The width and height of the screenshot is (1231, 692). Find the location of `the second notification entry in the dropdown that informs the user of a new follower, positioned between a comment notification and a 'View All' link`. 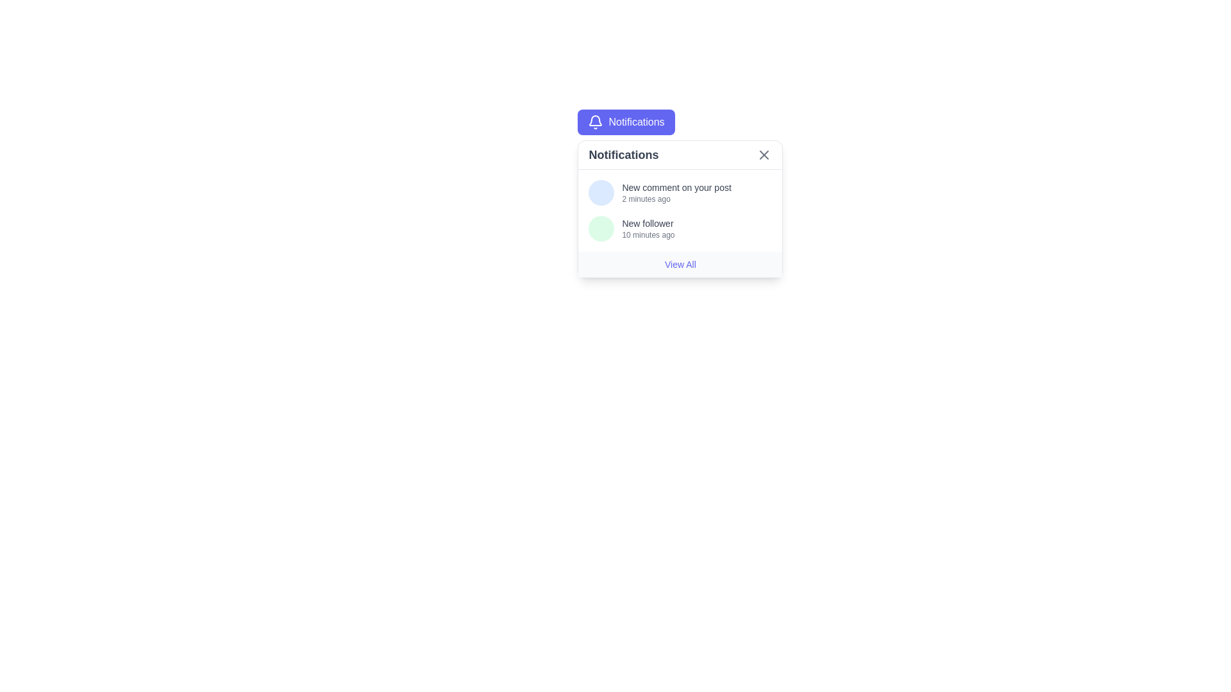

the second notification entry in the dropdown that informs the user of a new follower, positioned between a comment notification and a 'View All' link is located at coordinates (648, 228).